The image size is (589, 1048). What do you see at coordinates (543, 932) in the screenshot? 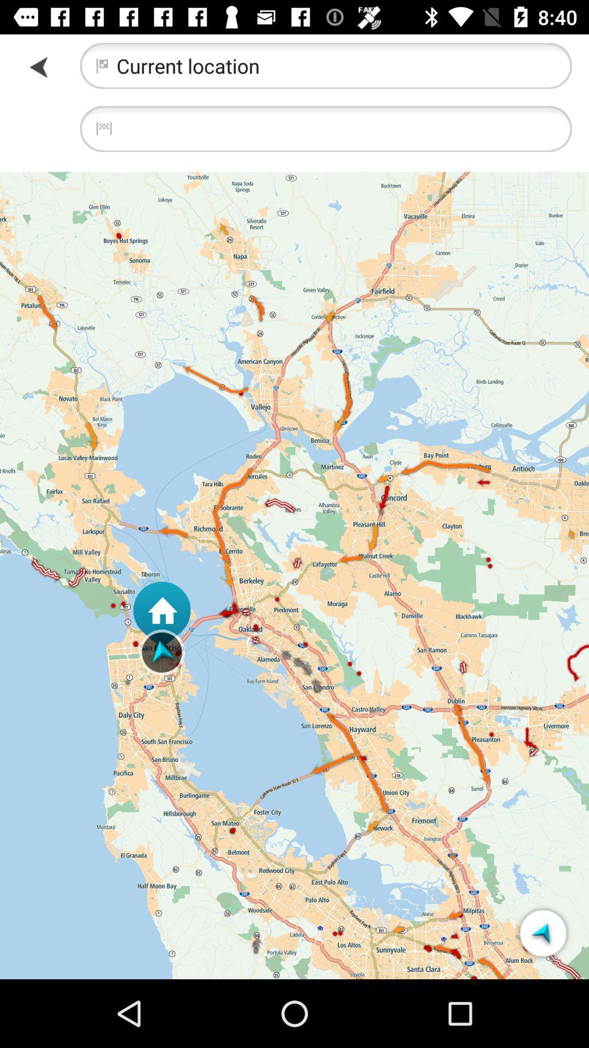
I see `get directions` at bounding box center [543, 932].